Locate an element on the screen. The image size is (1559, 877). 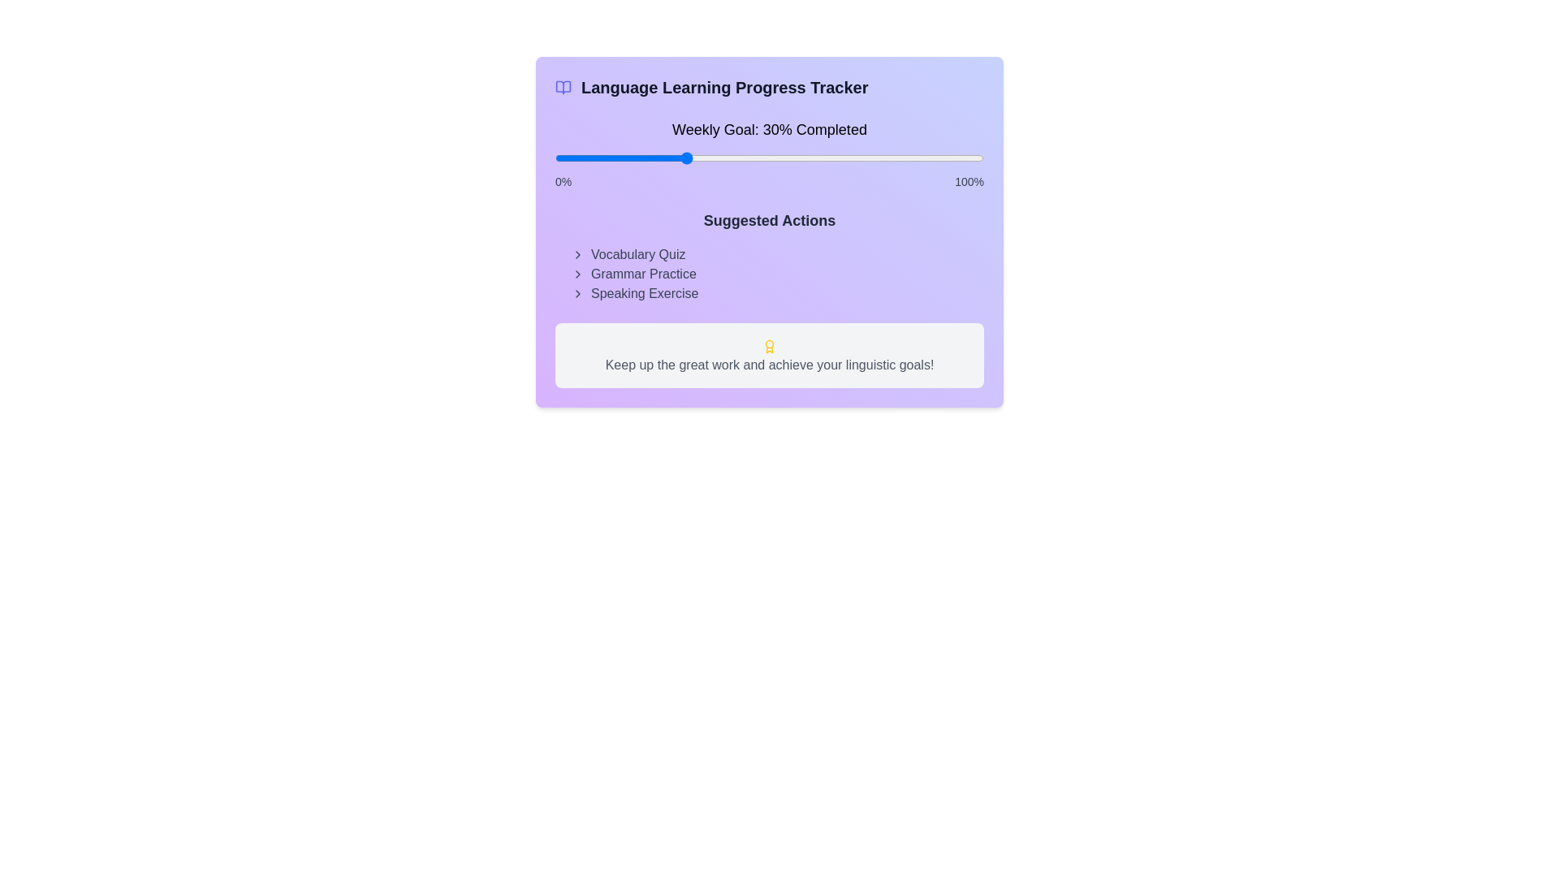
the progress slider to set the weekly goal completion percentage to 87 is located at coordinates (928, 158).